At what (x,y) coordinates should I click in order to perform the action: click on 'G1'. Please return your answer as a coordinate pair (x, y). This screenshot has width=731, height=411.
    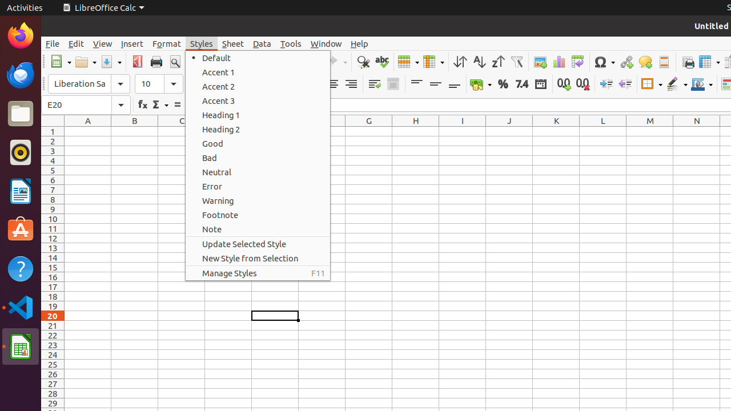
    Looking at the image, I should click on (369, 131).